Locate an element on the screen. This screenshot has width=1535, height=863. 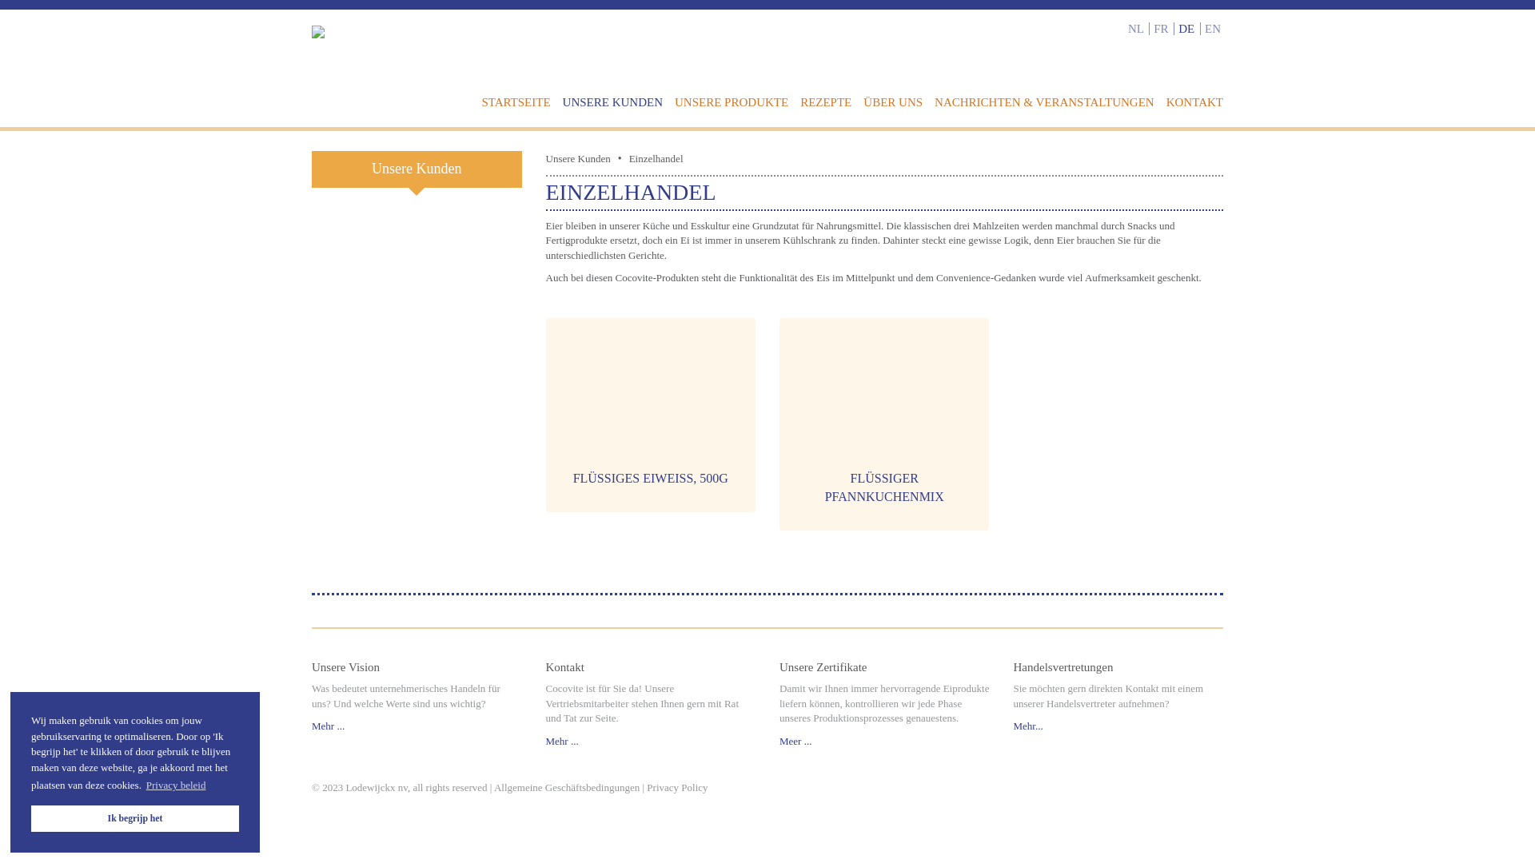
'Ik begrijp het' is located at coordinates (134, 818).